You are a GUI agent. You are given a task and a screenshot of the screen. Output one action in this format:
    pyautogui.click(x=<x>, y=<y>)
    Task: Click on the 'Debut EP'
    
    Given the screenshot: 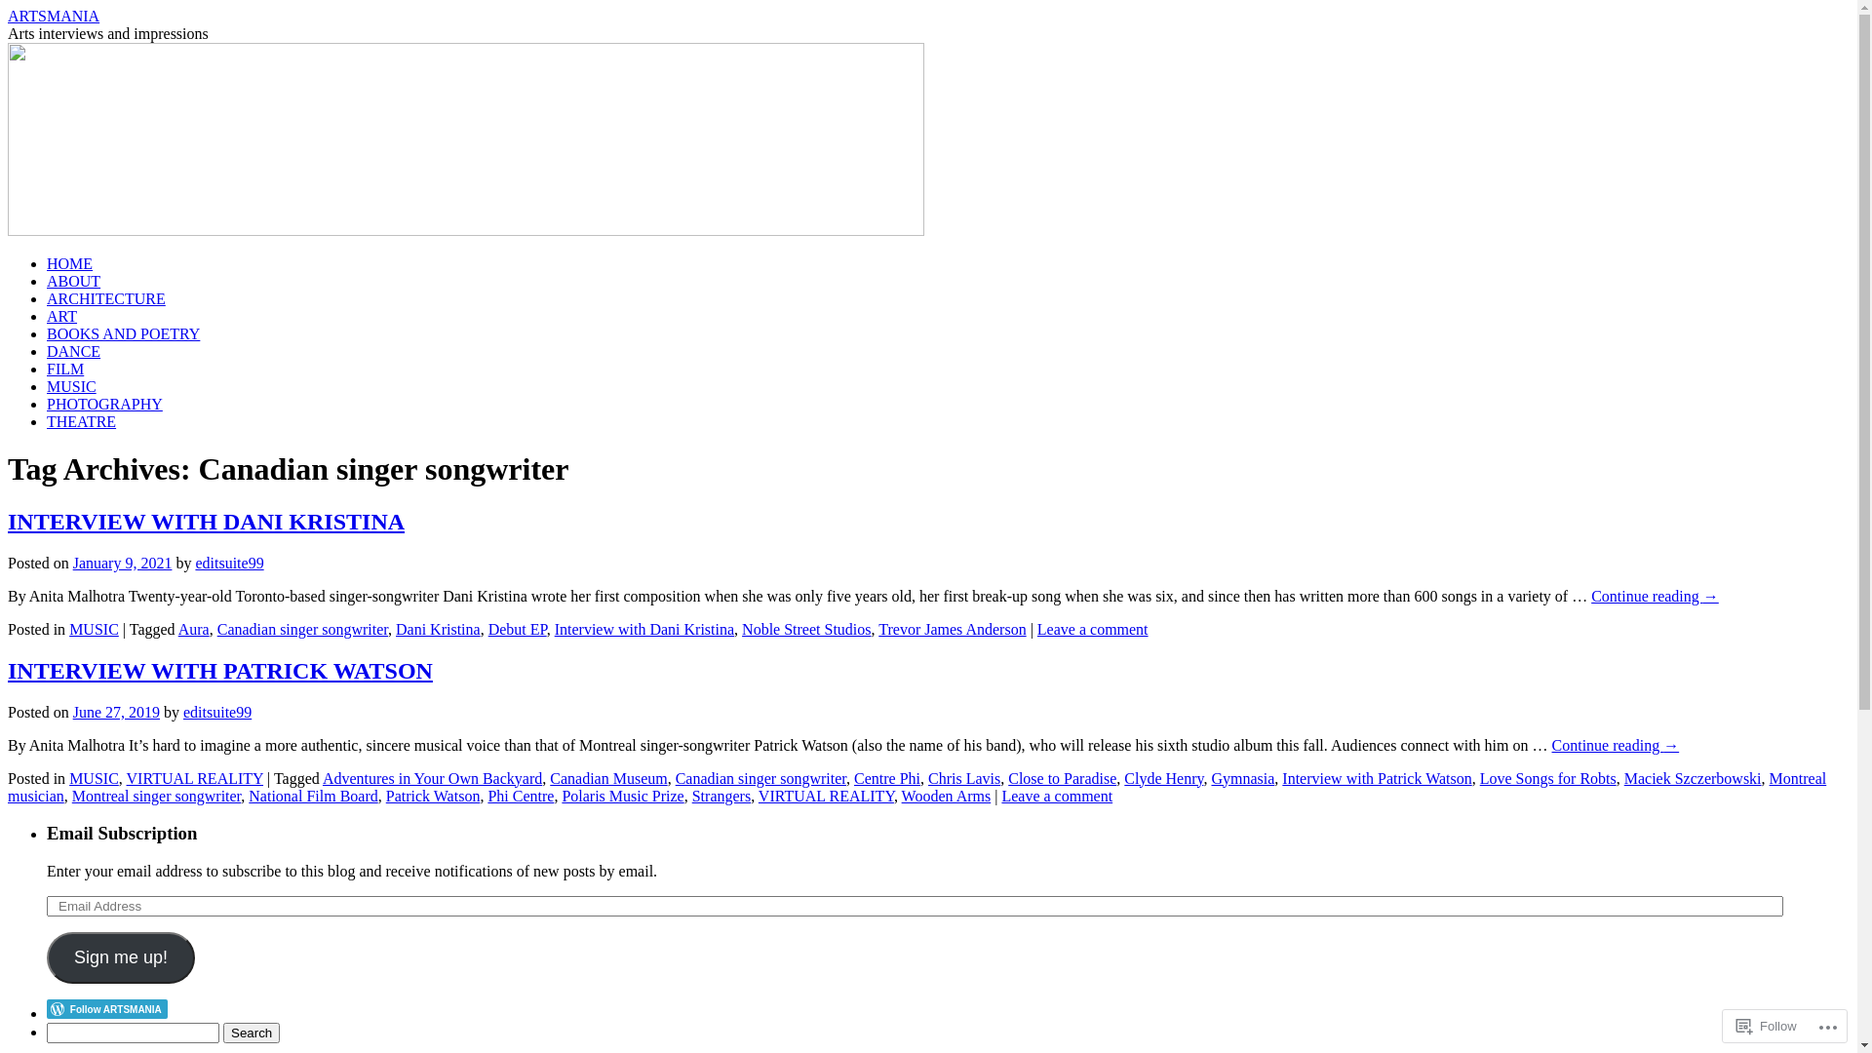 What is the action you would take?
    pyautogui.click(x=518, y=629)
    